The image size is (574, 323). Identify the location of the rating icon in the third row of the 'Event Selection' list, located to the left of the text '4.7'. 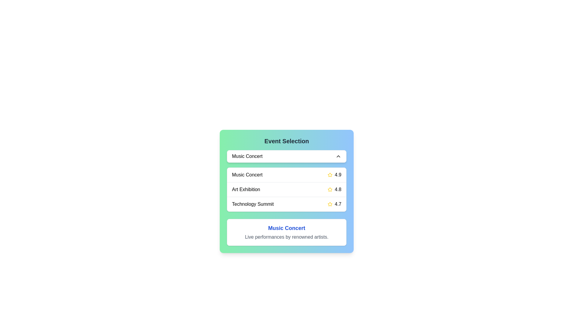
(329, 204).